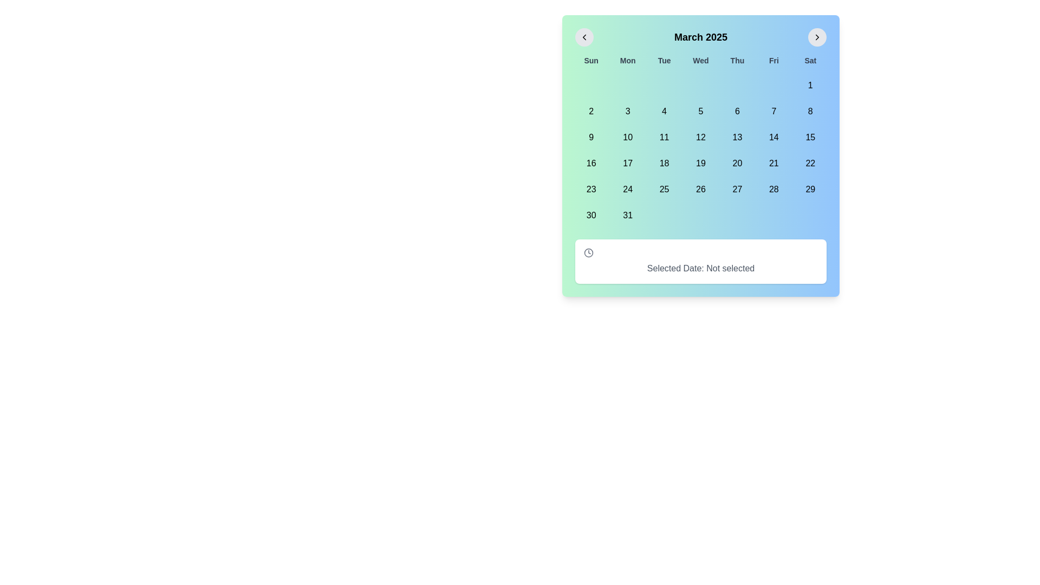 The image size is (1040, 585). Describe the element at coordinates (628, 163) in the screenshot. I see `the selectable date button located in the fourth row, second column of the calendar grid beneath the 'March 2025' header` at that location.